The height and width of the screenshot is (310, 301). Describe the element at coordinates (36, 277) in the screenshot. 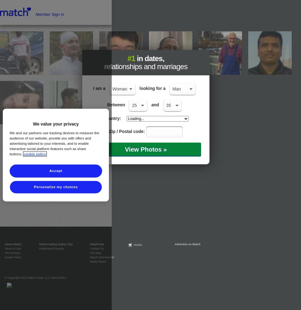

I see `'© Copyright 2023 Match Group, LLC wda3-004f-s-'` at that location.